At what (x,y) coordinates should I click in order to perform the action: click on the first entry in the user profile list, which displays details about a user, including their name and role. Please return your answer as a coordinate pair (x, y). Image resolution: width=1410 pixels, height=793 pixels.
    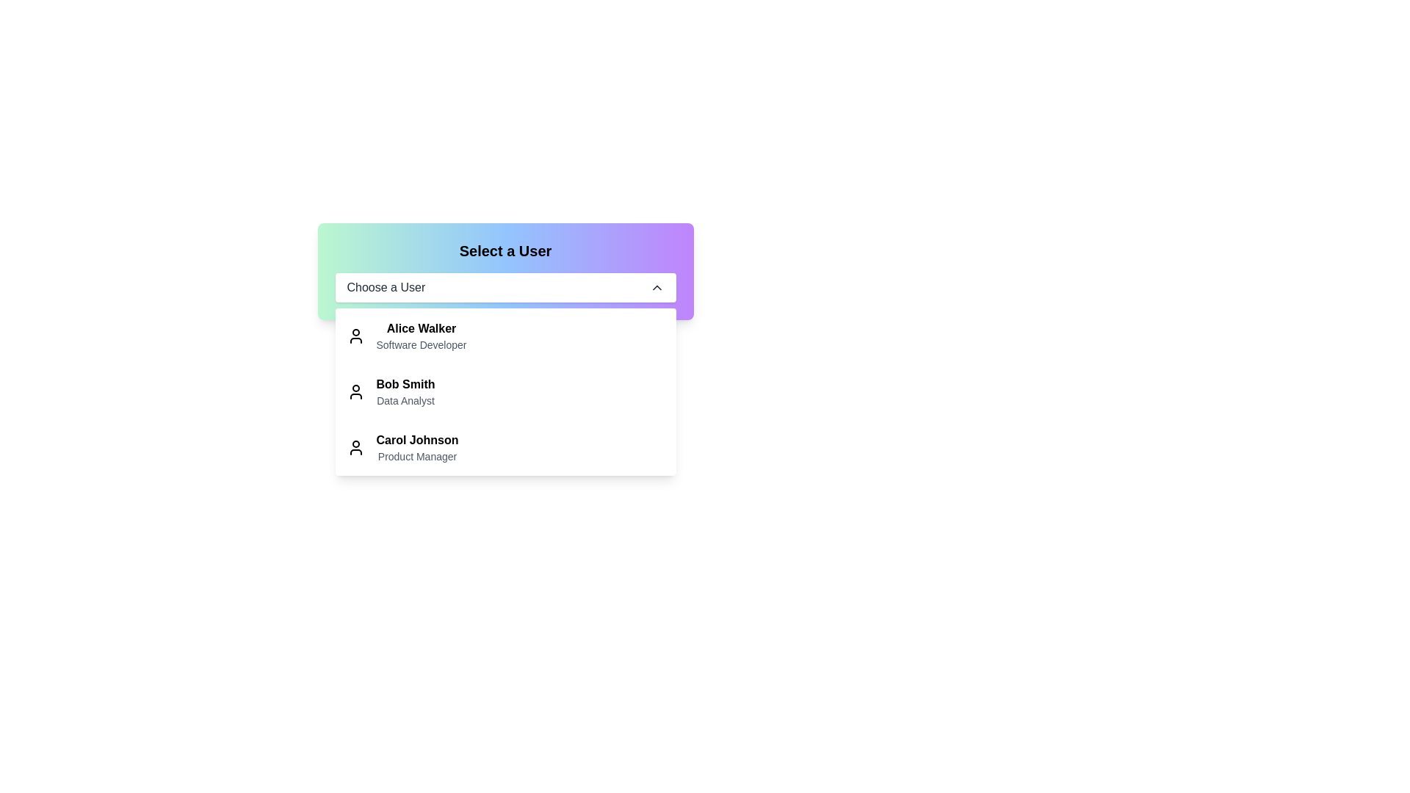
    Looking at the image, I should click on (505, 336).